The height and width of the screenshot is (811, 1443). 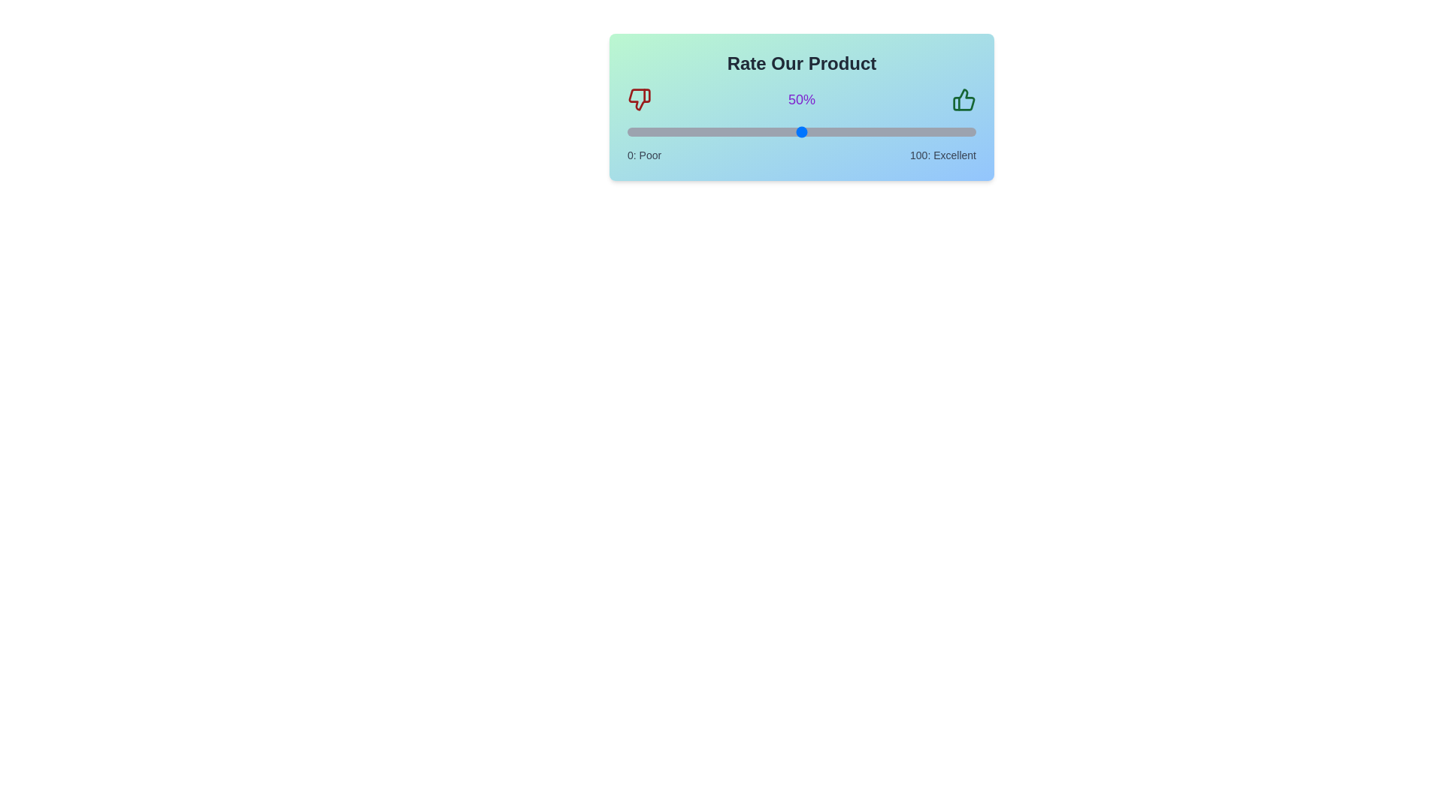 I want to click on the slider to set the rating to 35%, so click(x=749, y=131).